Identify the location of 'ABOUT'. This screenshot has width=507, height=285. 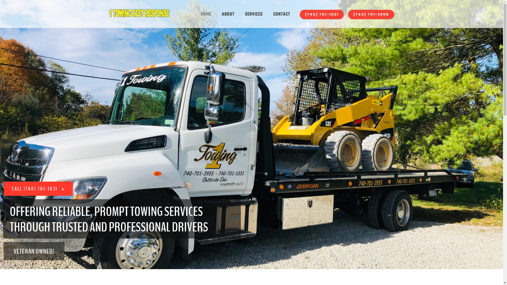
(228, 14).